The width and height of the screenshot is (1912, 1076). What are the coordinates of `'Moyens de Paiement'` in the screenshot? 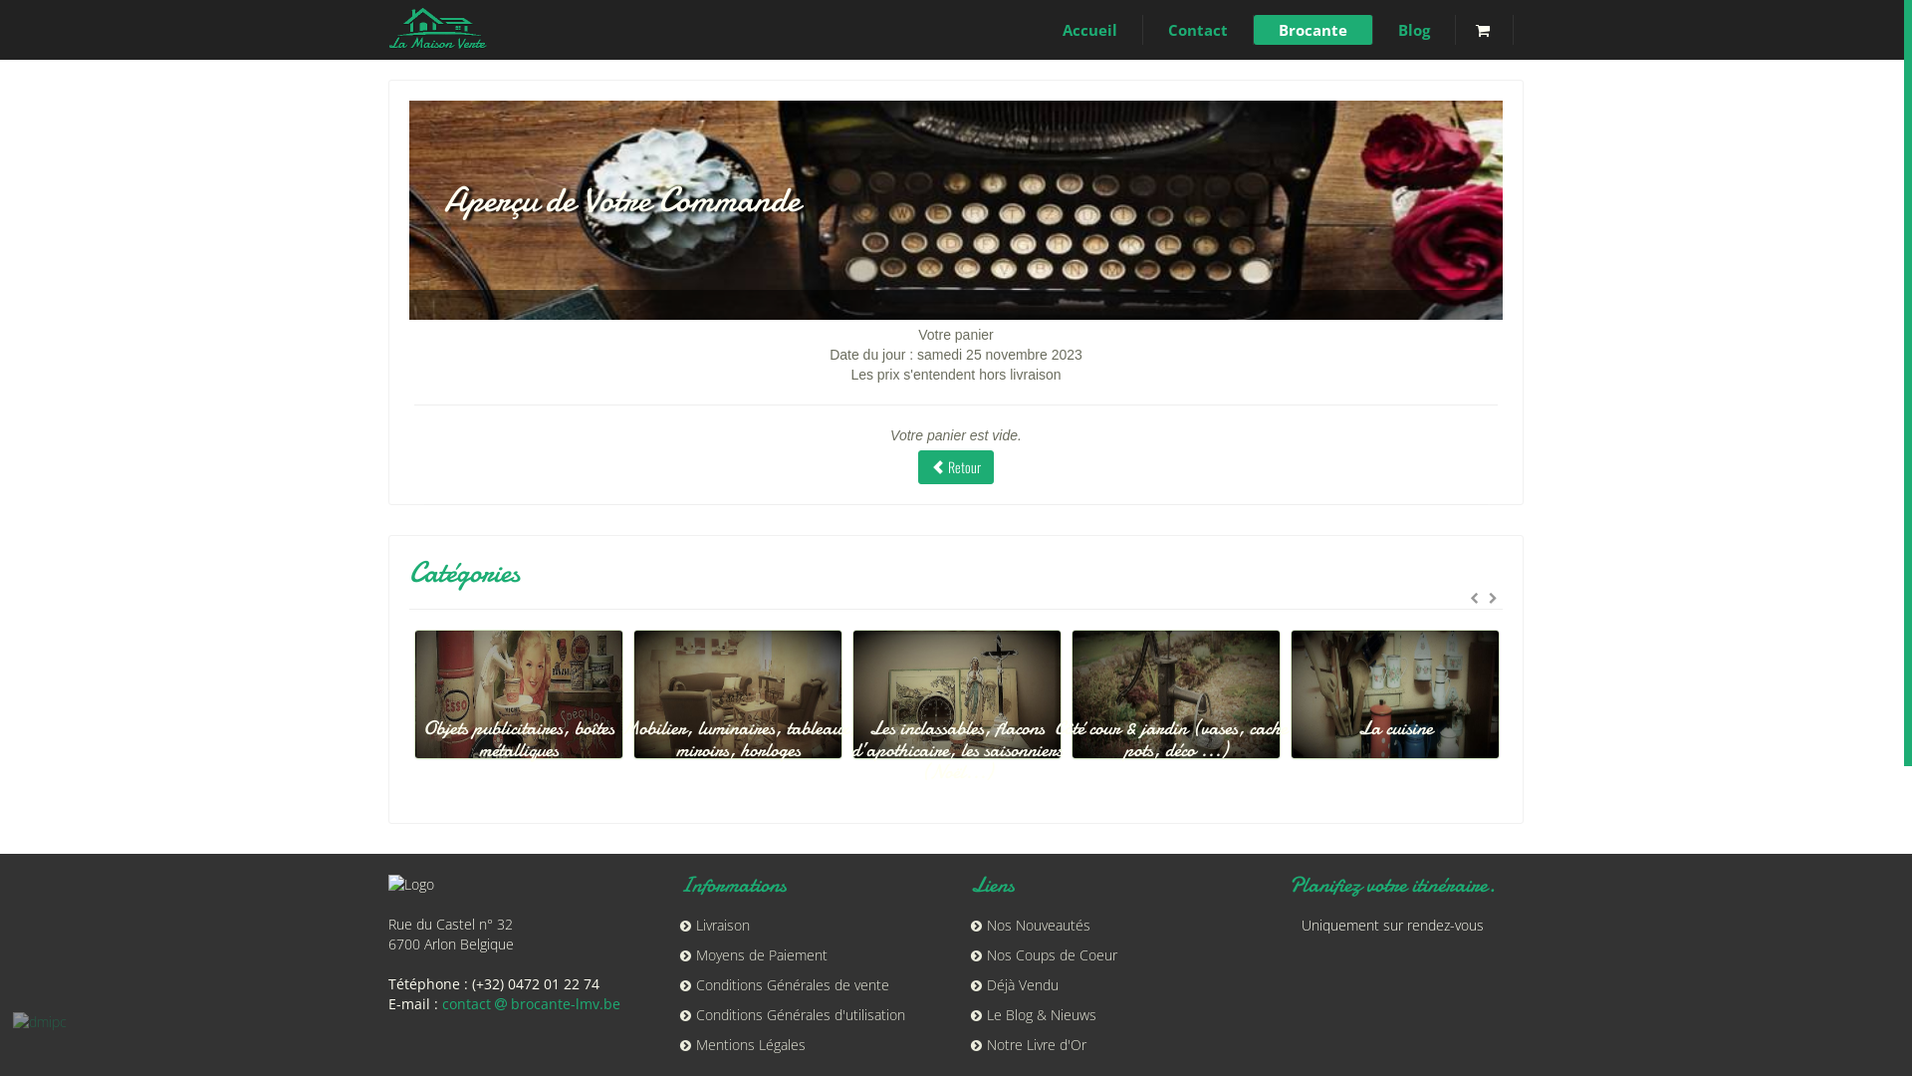 It's located at (752, 953).